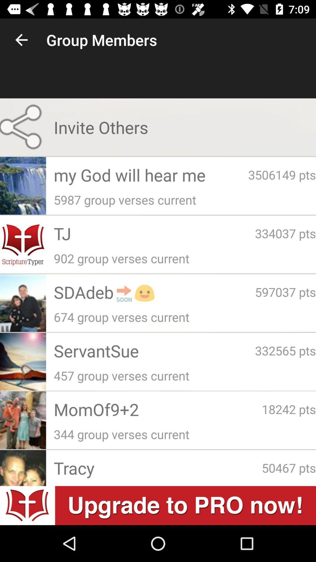  What do you see at coordinates (285, 292) in the screenshot?
I see `the icon above 674 group verses app` at bounding box center [285, 292].